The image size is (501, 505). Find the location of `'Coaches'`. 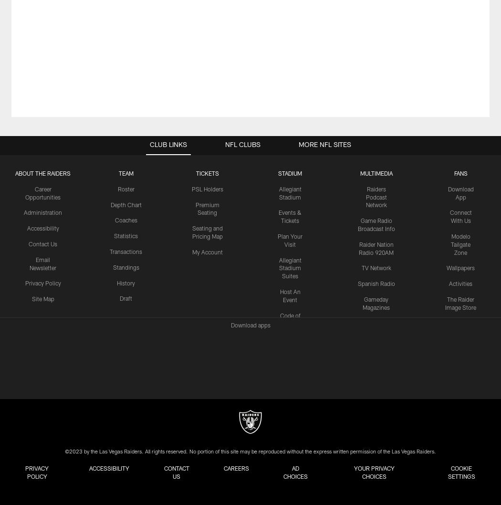

'Coaches' is located at coordinates (125, 220).